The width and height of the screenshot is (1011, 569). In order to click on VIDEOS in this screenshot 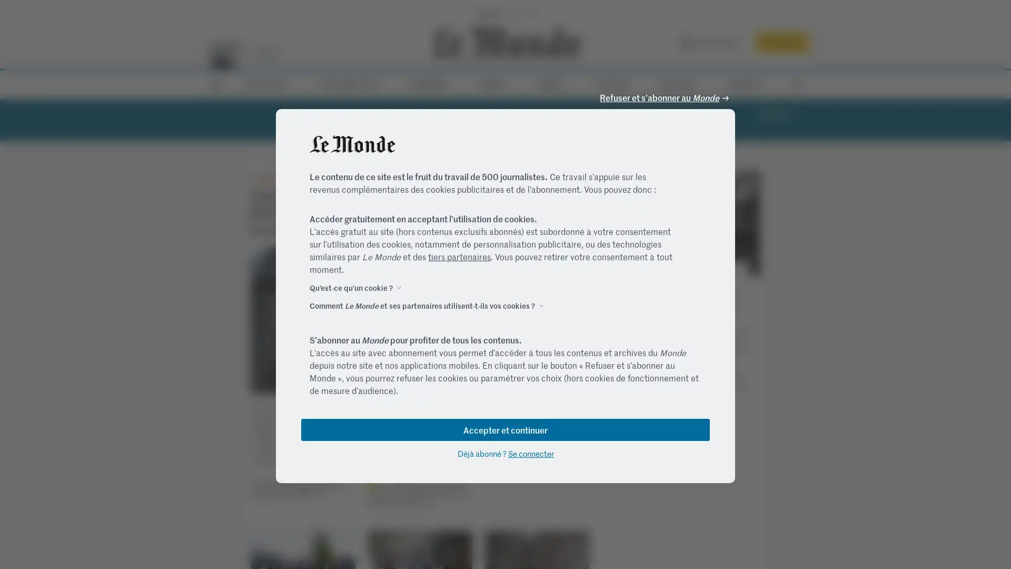, I will do `click(495, 83)`.